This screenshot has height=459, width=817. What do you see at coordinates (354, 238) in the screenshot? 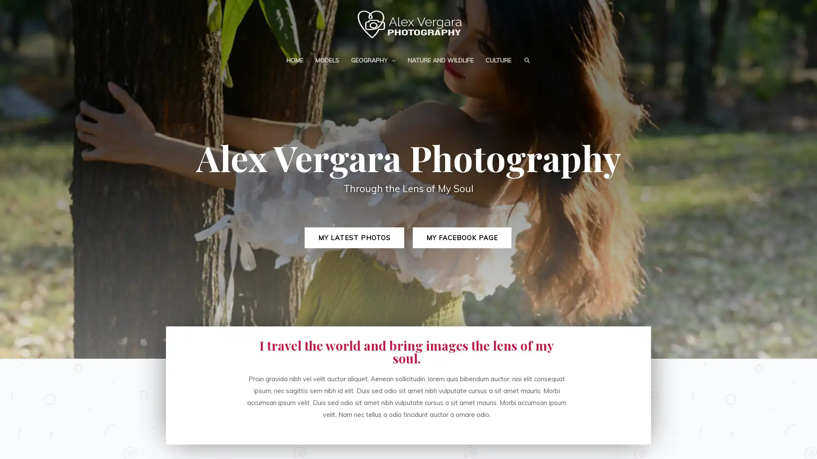
I see `MY LATEST PHOTOS` at bounding box center [354, 238].